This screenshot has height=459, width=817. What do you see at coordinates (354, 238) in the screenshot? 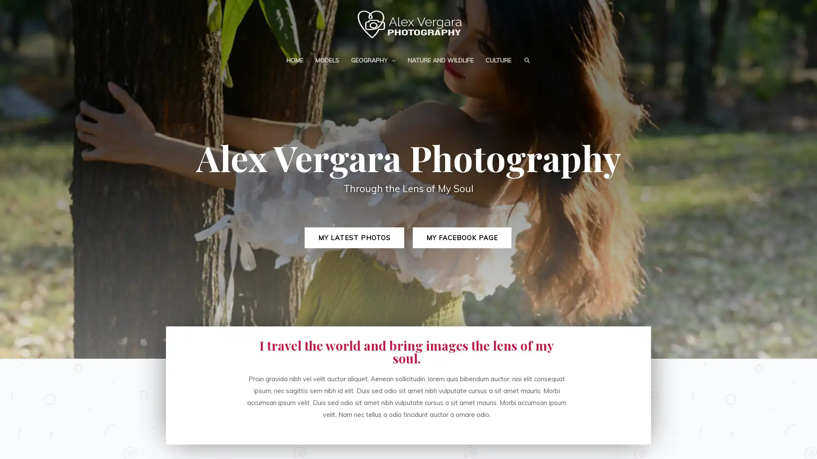
I see `MY LATEST PHOTOS` at bounding box center [354, 238].